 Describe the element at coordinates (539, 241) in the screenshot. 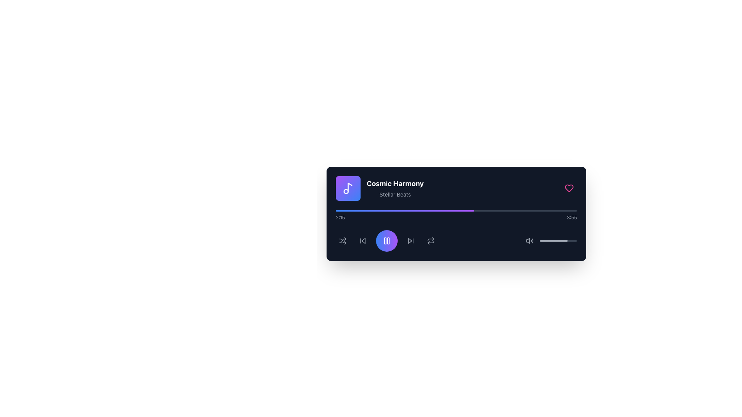

I see `the volume slider` at that location.